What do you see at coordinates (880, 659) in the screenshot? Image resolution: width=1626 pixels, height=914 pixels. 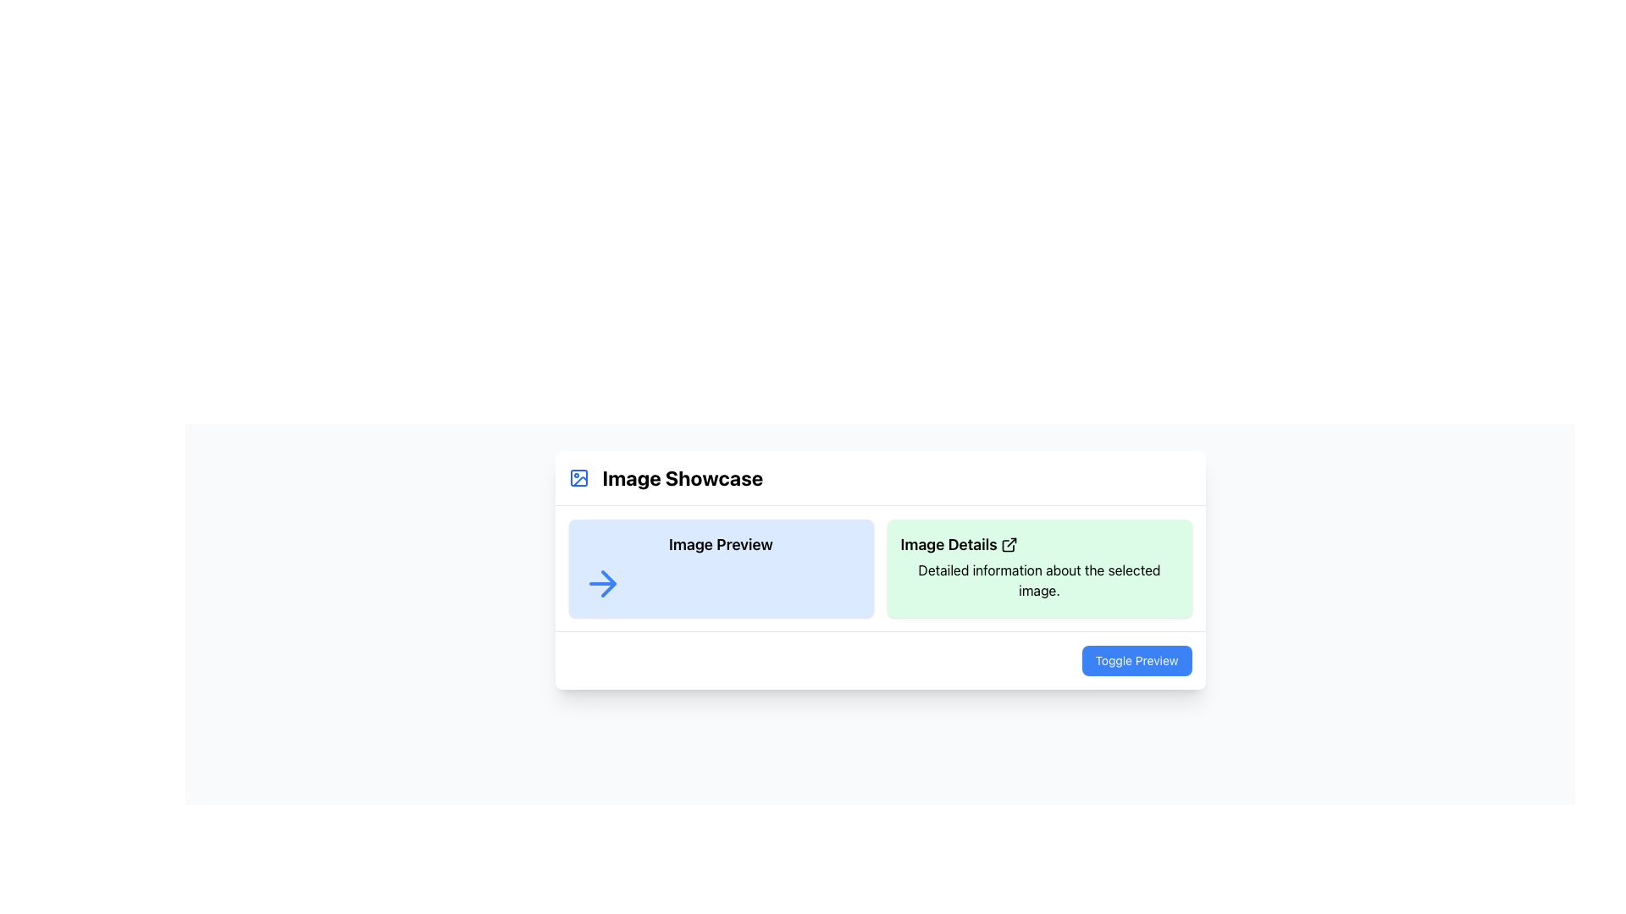 I see `the blue rectangular button with rounded edges labeled 'Toggle Preview'` at bounding box center [880, 659].